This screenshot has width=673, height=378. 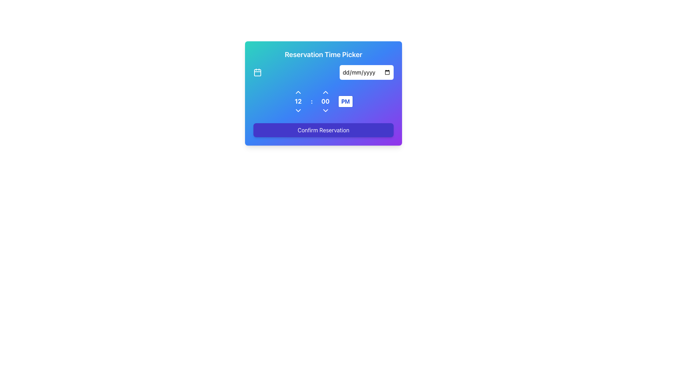 I want to click on the triangular-shaped chevron icon pointing upwards, which is styled in white and placed within a blue background in the time picker control, so click(x=325, y=92).